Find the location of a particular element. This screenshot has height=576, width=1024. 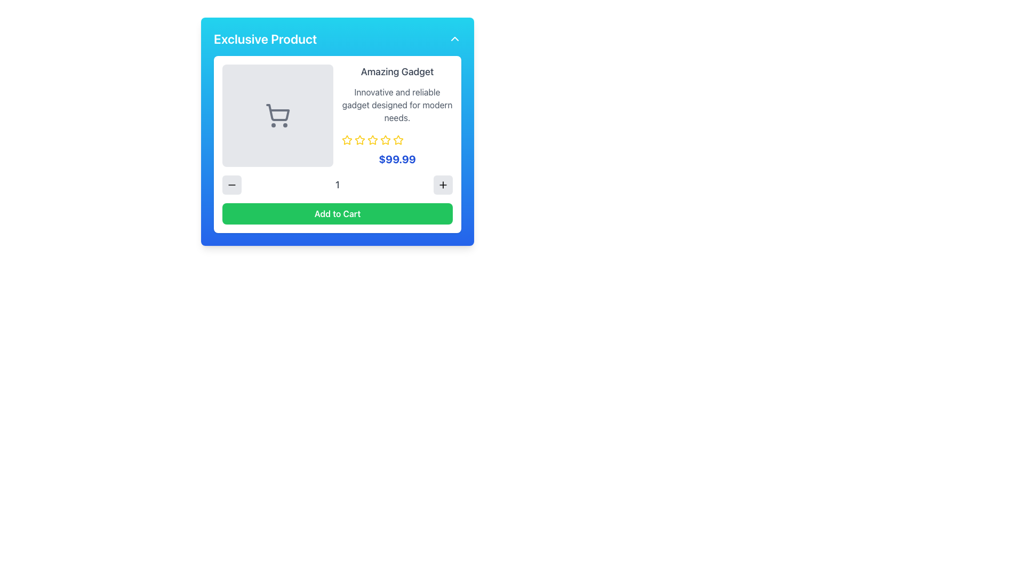

the circular button with a '+' icon, located at the bottom section of the product detail card is located at coordinates (443, 185).